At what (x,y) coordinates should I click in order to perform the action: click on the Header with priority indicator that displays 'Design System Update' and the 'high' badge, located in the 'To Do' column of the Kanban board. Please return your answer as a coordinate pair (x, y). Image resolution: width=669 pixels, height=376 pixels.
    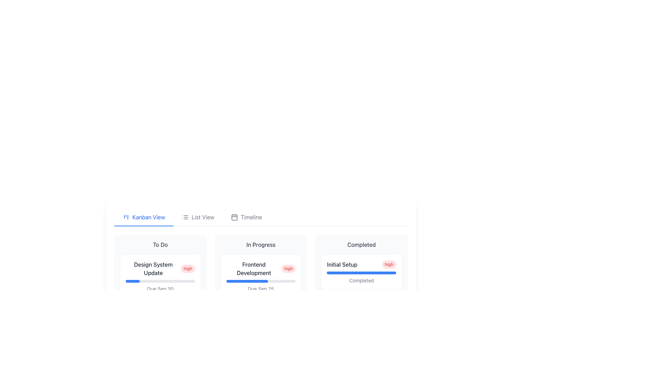
    Looking at the image, I should click on (160, 268).